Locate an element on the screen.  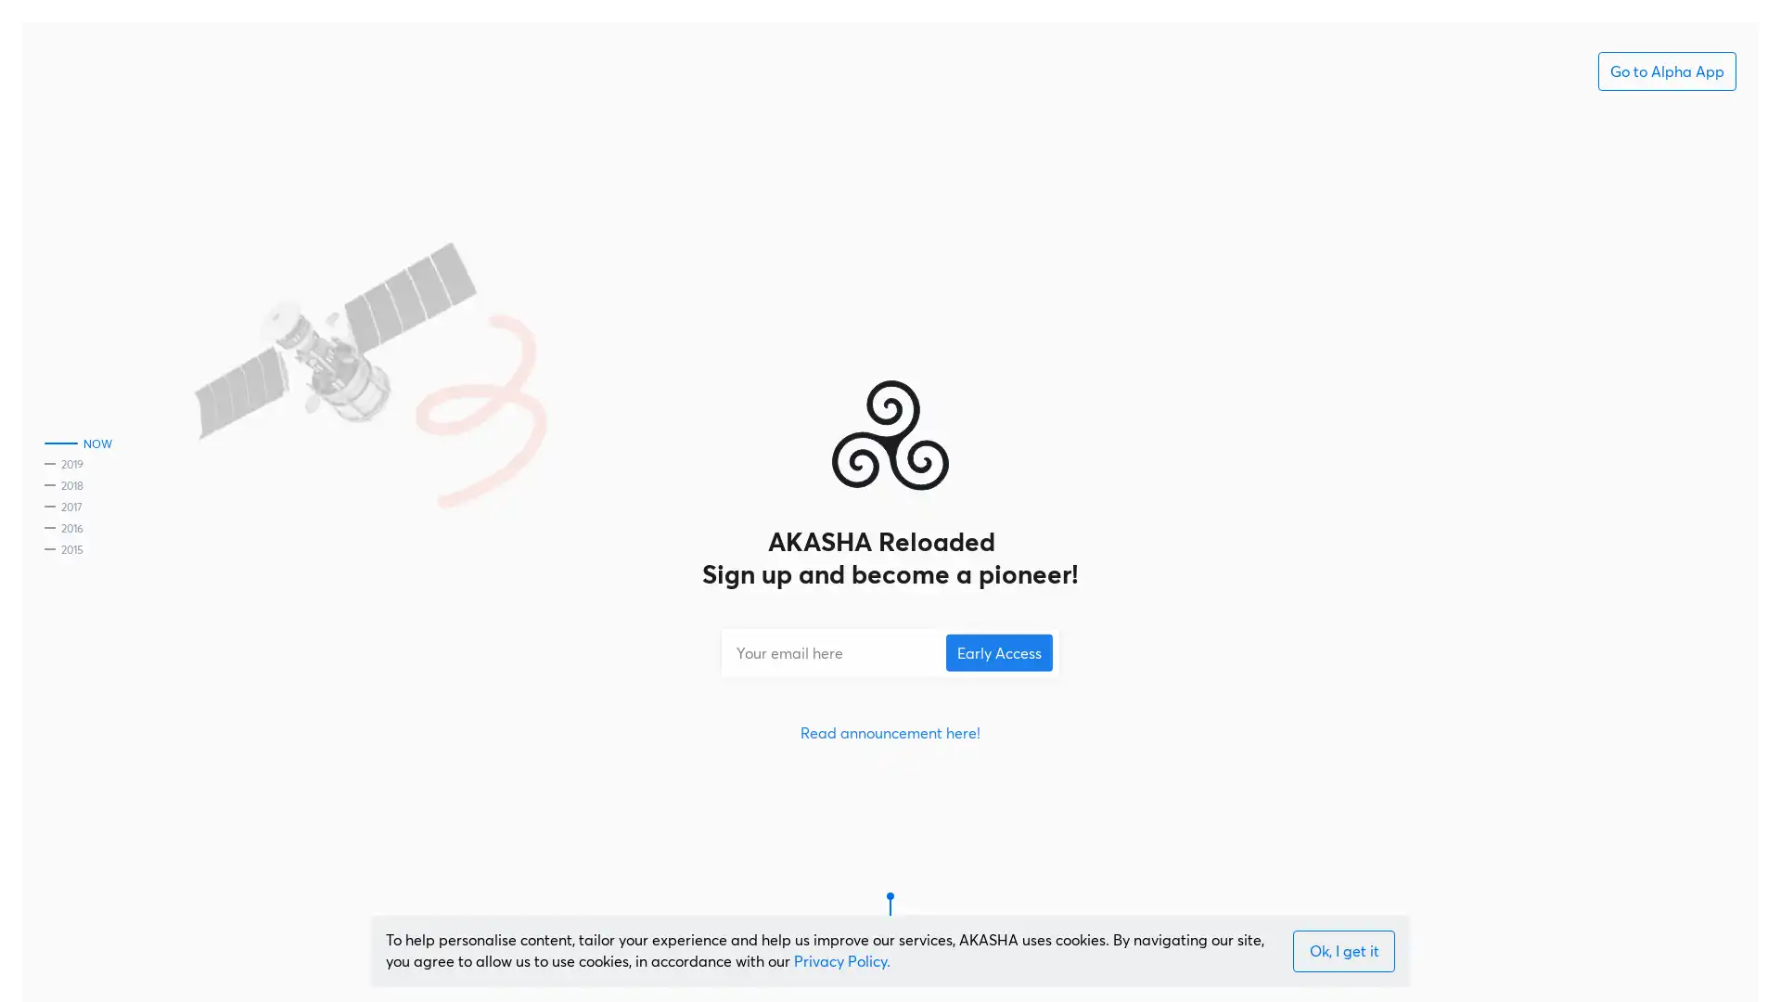
2017 is located at coordinates (63, 507).